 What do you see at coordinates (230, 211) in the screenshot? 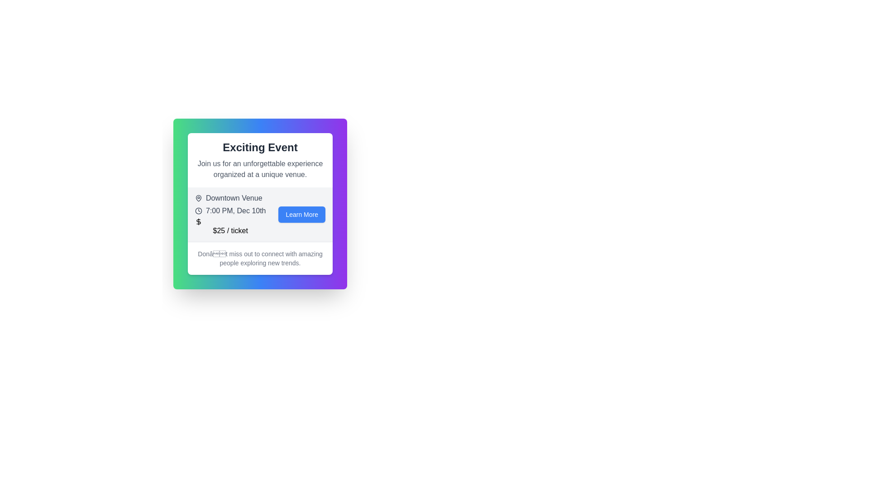
I see `the text label displaying the event's time and date, '7:00 PM, Dec 10th', which is part of the information panel about the event` at bounding box center [230, 211].